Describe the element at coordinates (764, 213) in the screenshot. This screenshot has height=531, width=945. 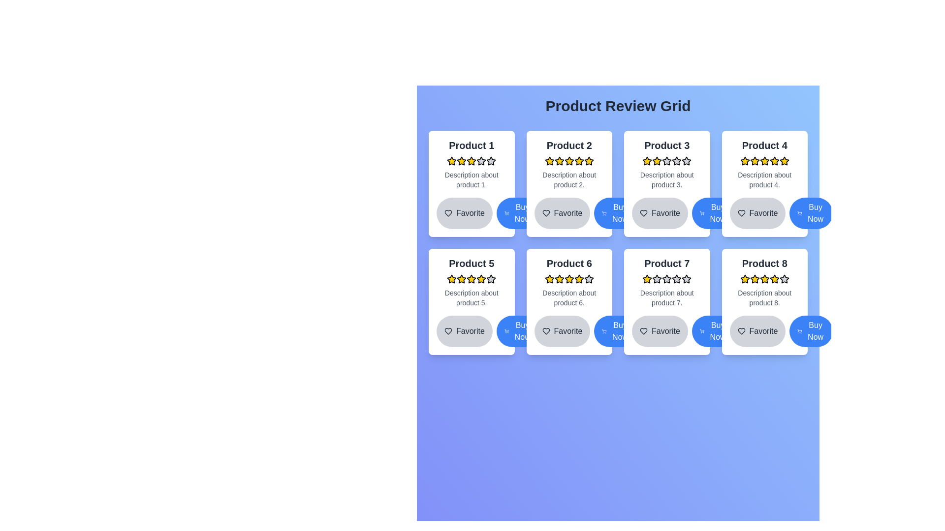
I see `the gray oval-shaped 'Favorite' button with a heart icon, located below Product 4's details in the Product Review Grid` at that location.